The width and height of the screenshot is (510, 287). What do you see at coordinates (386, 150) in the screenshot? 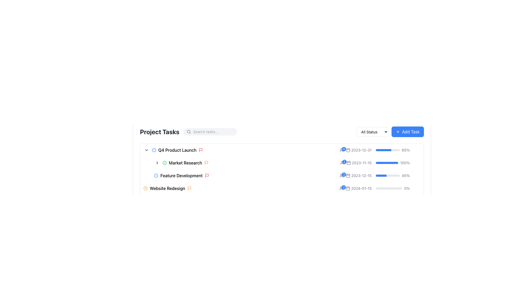
I see `task completion` at bounding box center [386, 150].